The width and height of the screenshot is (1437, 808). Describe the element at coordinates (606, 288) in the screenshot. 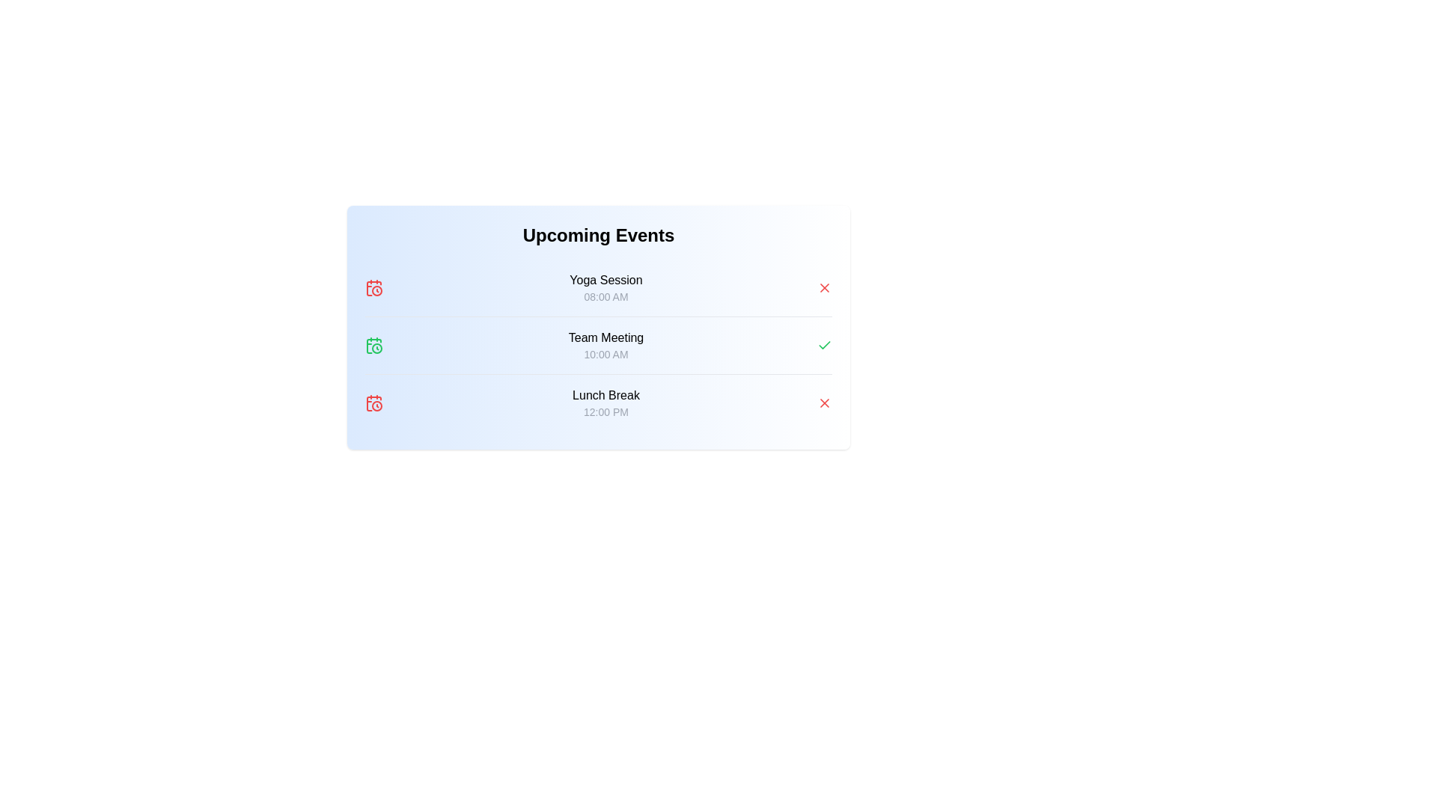

I see `the first List item in the 'Upcoming Events' section` at that location.